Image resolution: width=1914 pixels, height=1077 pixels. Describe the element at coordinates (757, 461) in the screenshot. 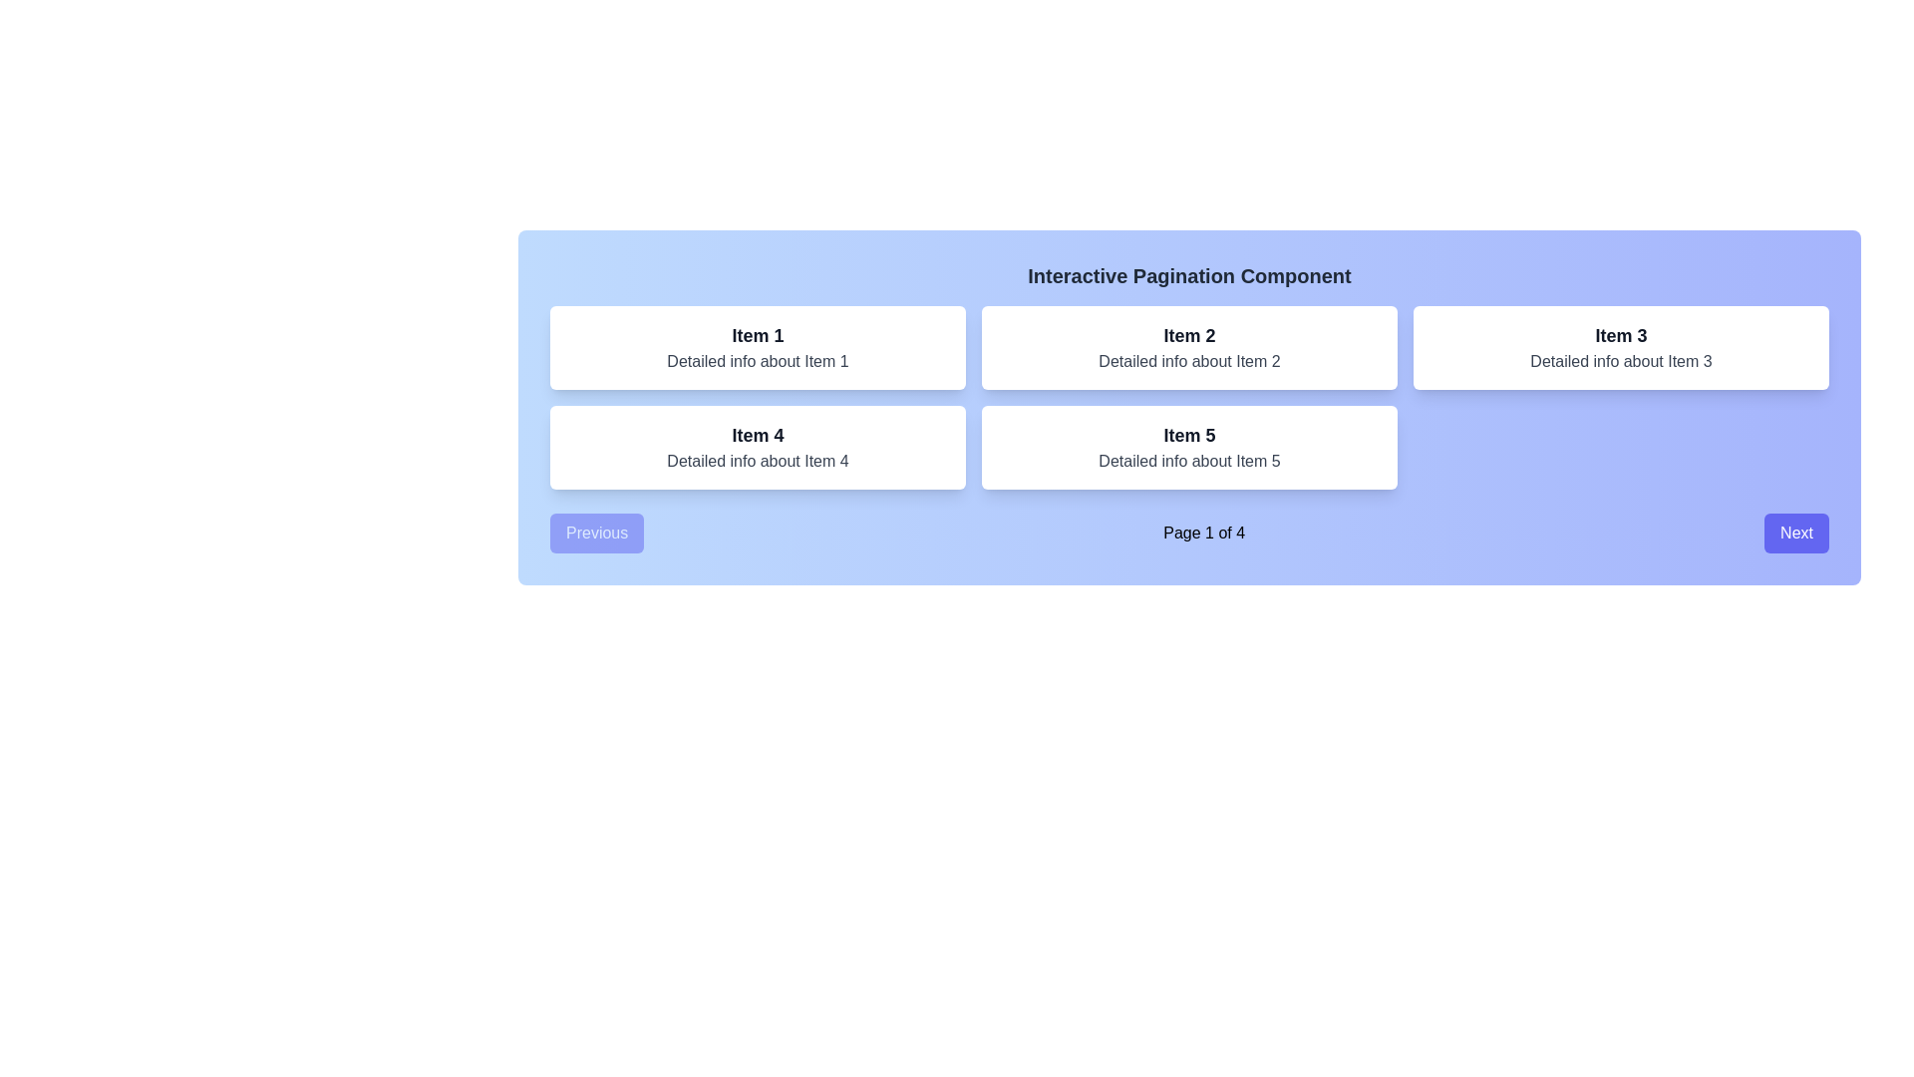

I see `the text label providing additional descriptive information about 'Item 4', which is located inside the white card titled 'Item 4' in the lower-left quadrant of a 2x3 grid structure` at that location.